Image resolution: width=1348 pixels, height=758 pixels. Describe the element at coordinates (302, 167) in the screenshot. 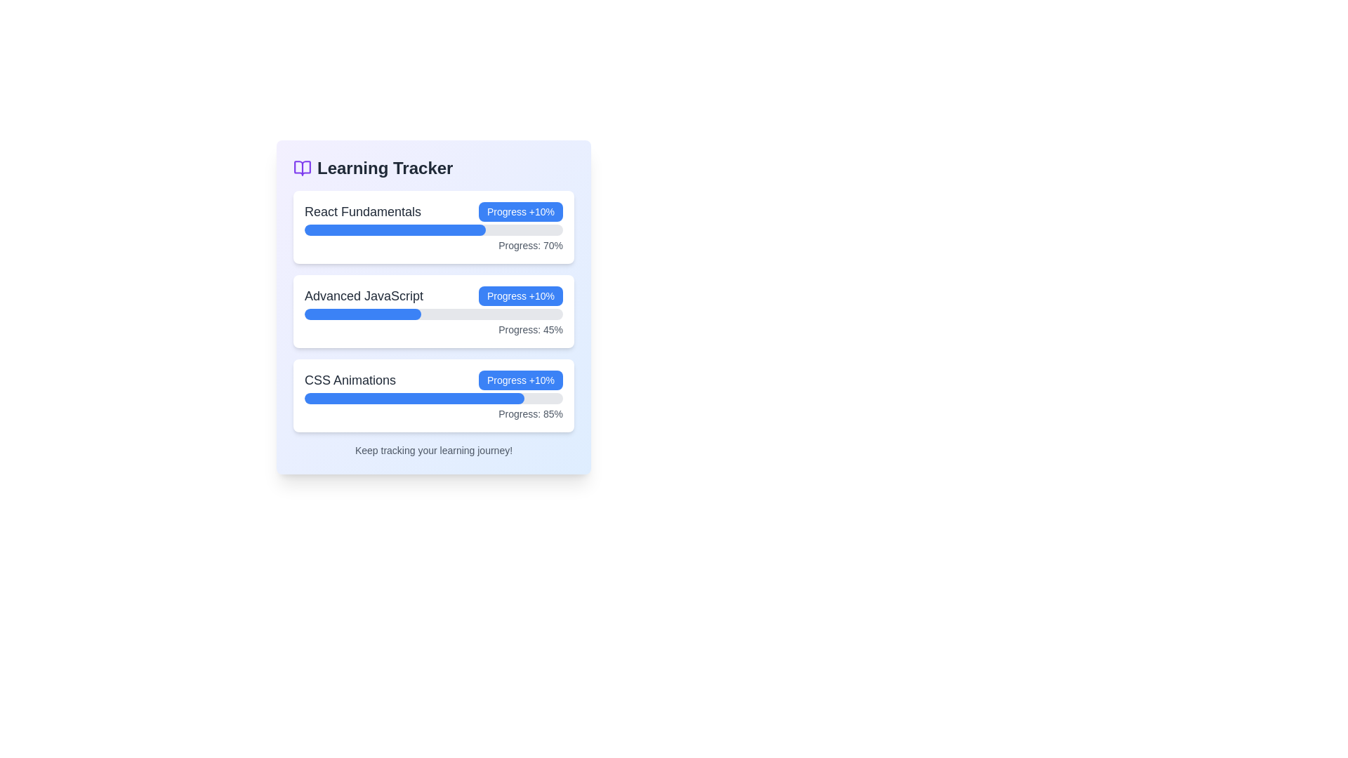

I see `the open book icon in the header of the 'Learning Tracker' widget, which is depicted in a minimalist outline style with a purple hue` at that location.